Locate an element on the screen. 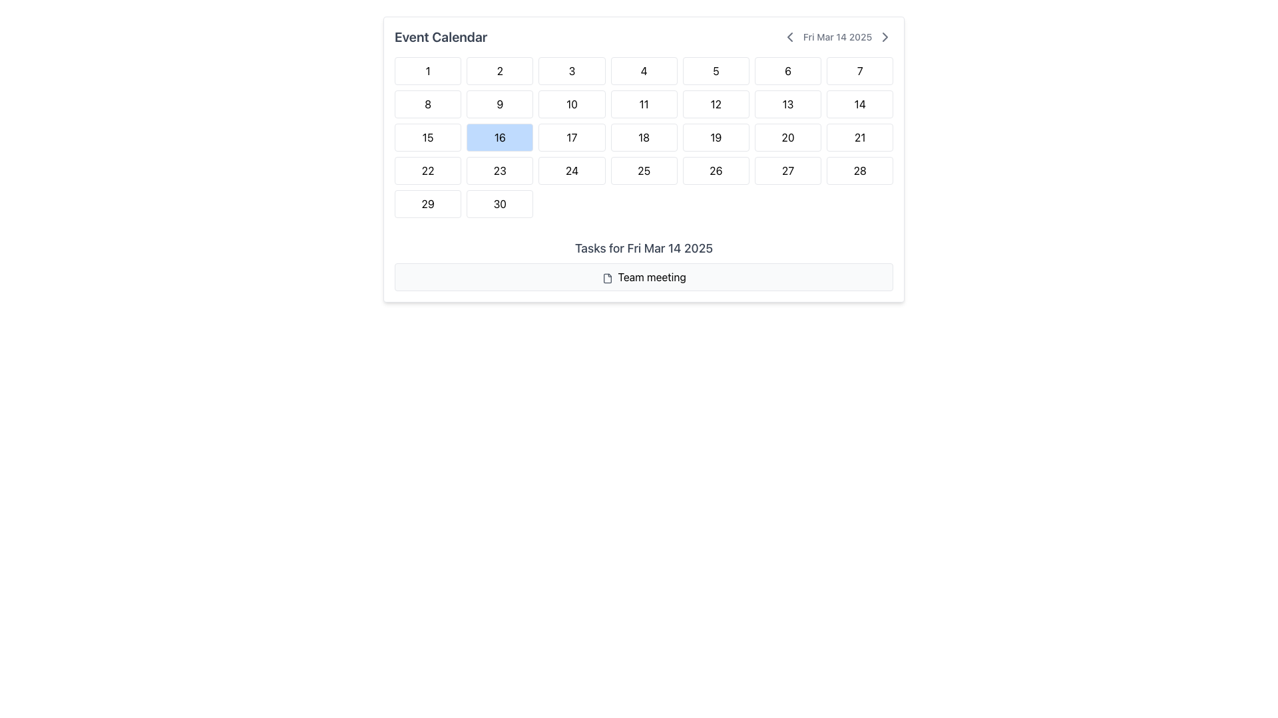  the left-pointing chevron arrow icon located in the header section is located at coordinates (789, 37).